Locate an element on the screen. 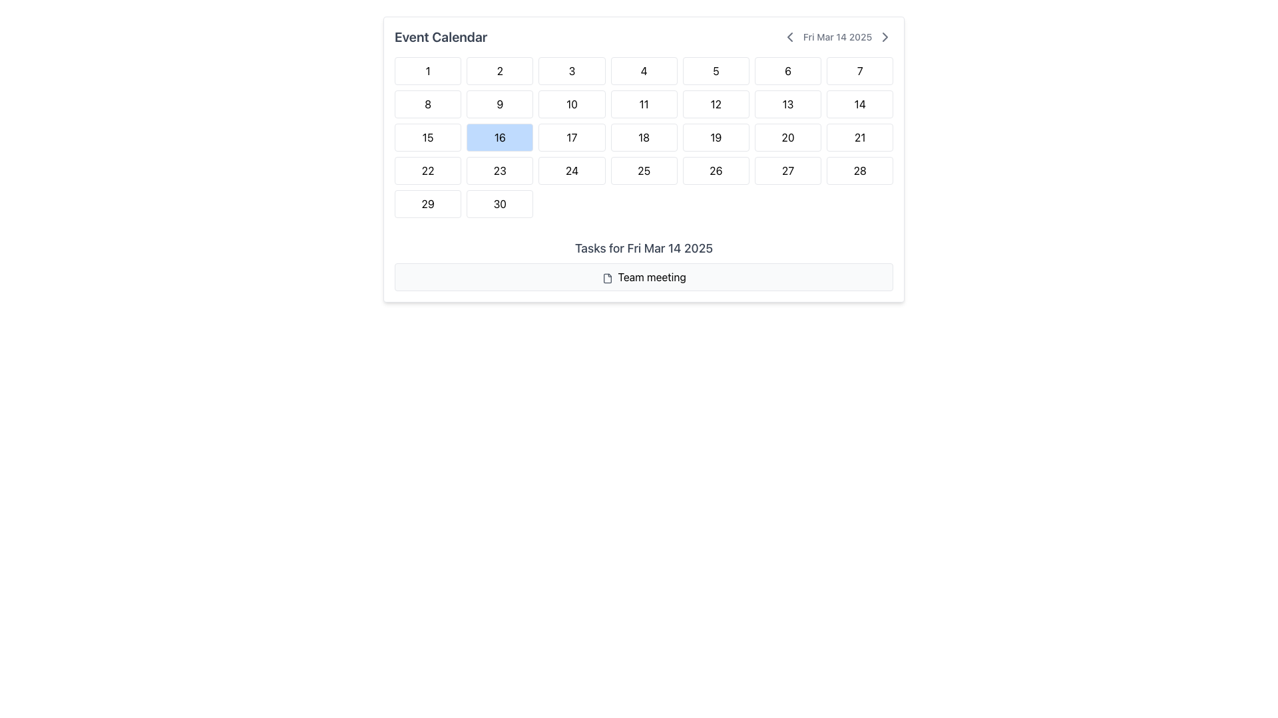  the left-pointing chevron arrow icon located in the header section is located at coordinates (789, 37).